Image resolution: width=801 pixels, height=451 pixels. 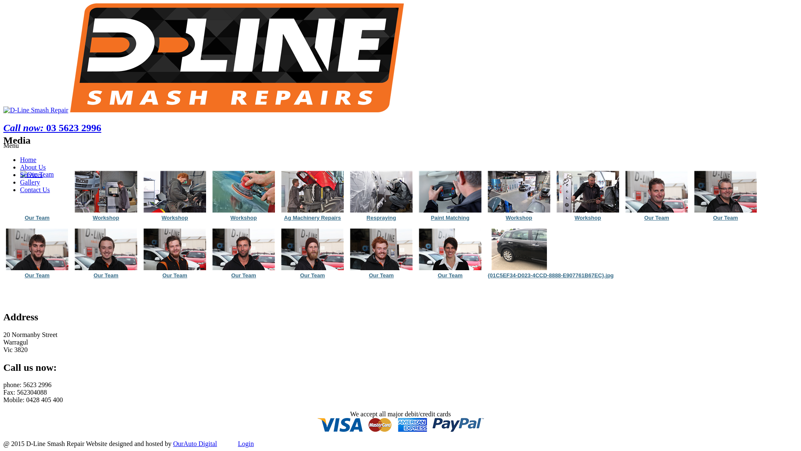 I want to click on 'Menu', so click(x=11, y=145).